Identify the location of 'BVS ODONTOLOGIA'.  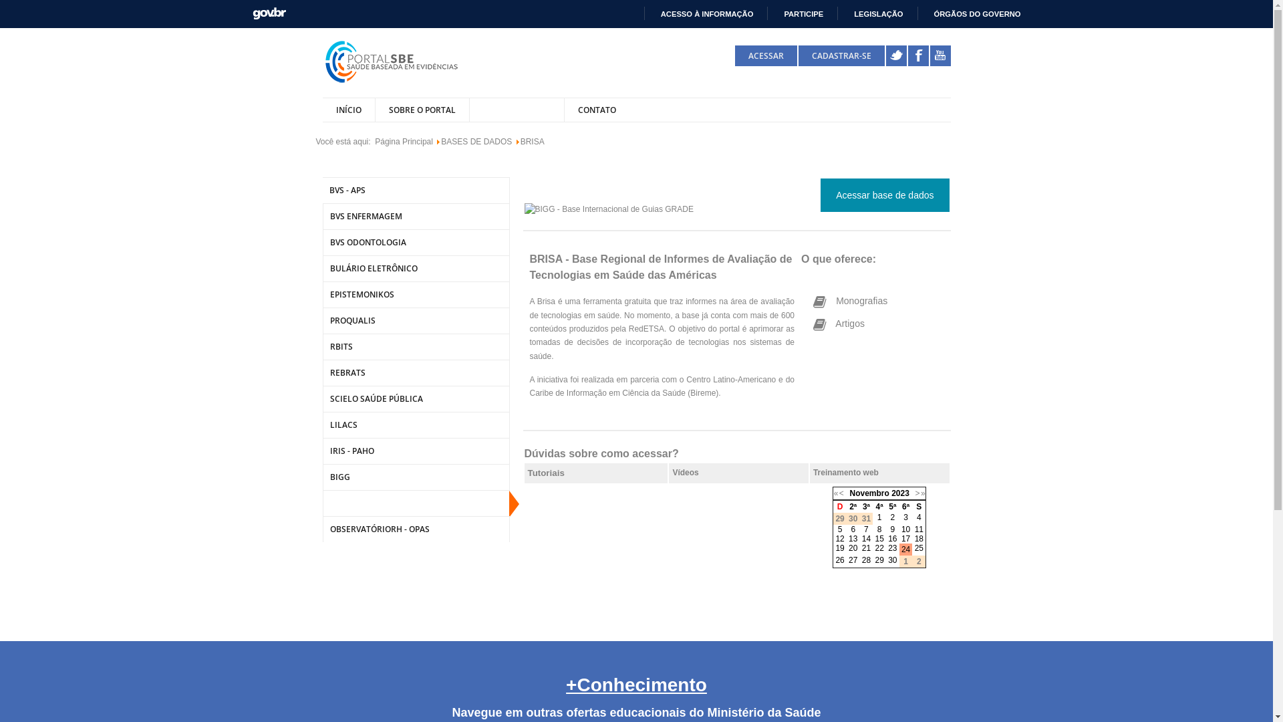
(415, 242).